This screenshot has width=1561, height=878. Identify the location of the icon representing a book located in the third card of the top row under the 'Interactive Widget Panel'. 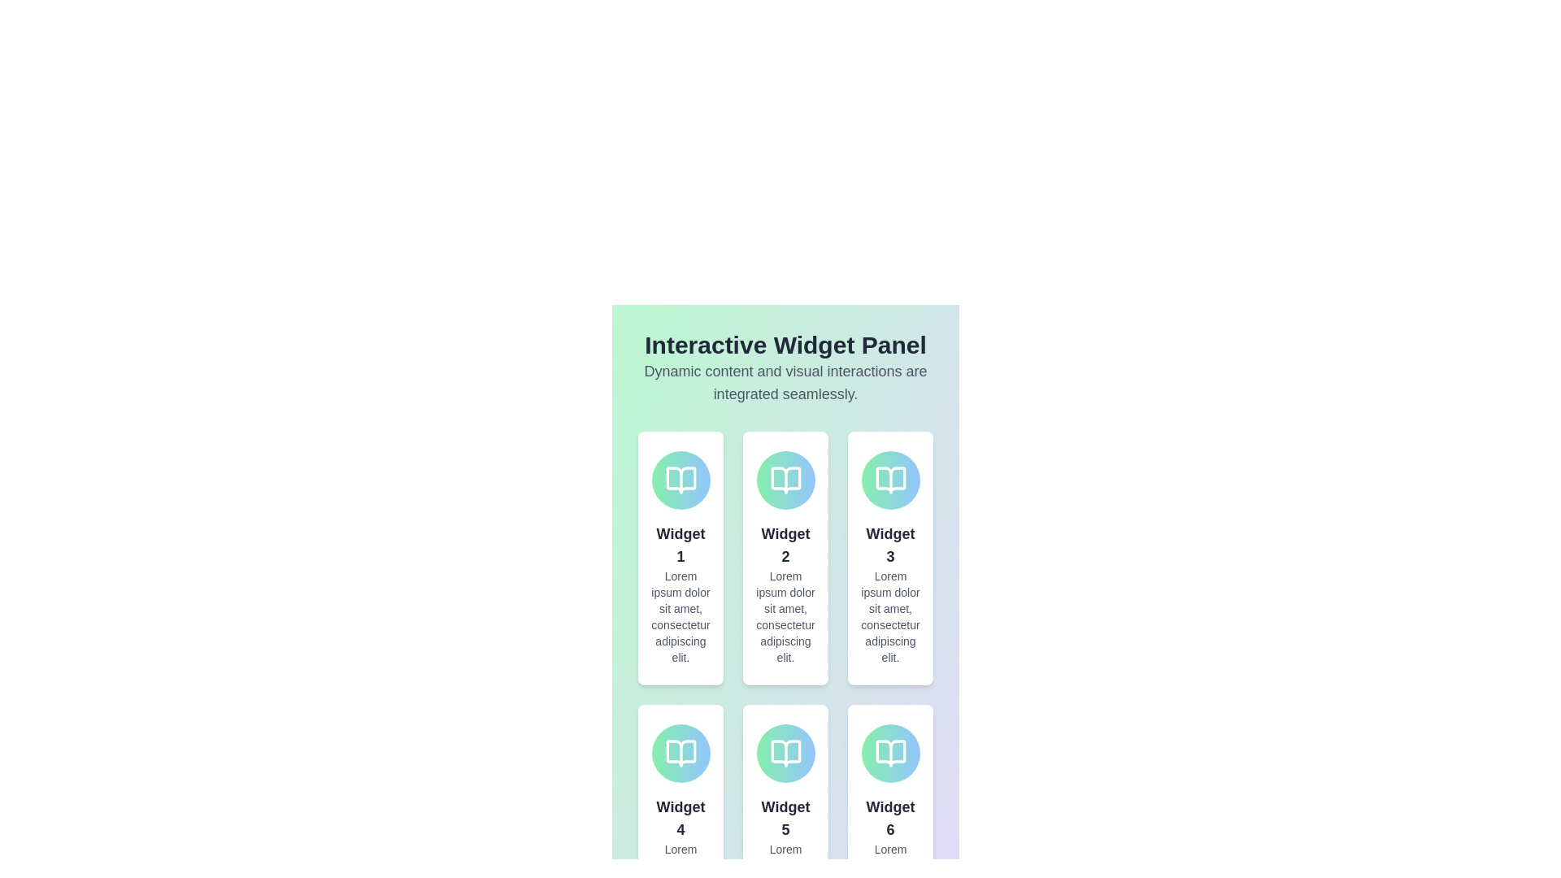
(889, 479).